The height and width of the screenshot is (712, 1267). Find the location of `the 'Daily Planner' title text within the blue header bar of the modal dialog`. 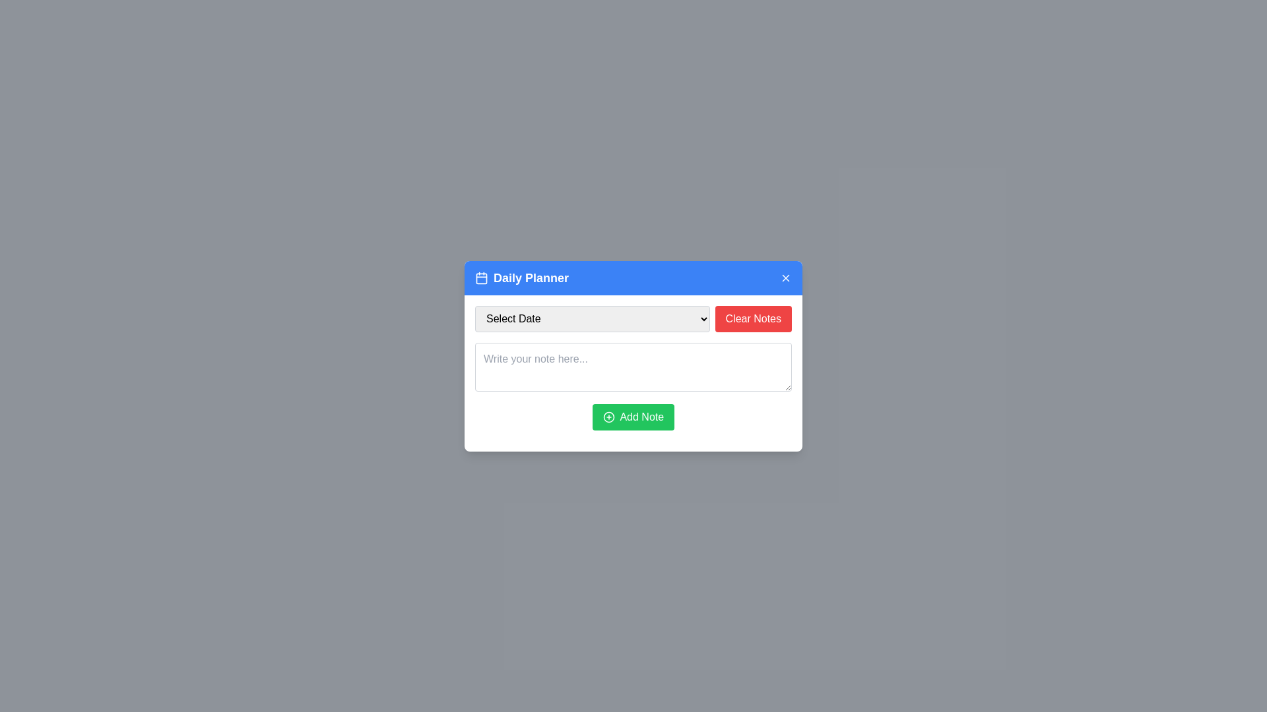

the 'Daily Planner' title text within the blue header bar of the modal dialog is located at coordinates (521, 277).